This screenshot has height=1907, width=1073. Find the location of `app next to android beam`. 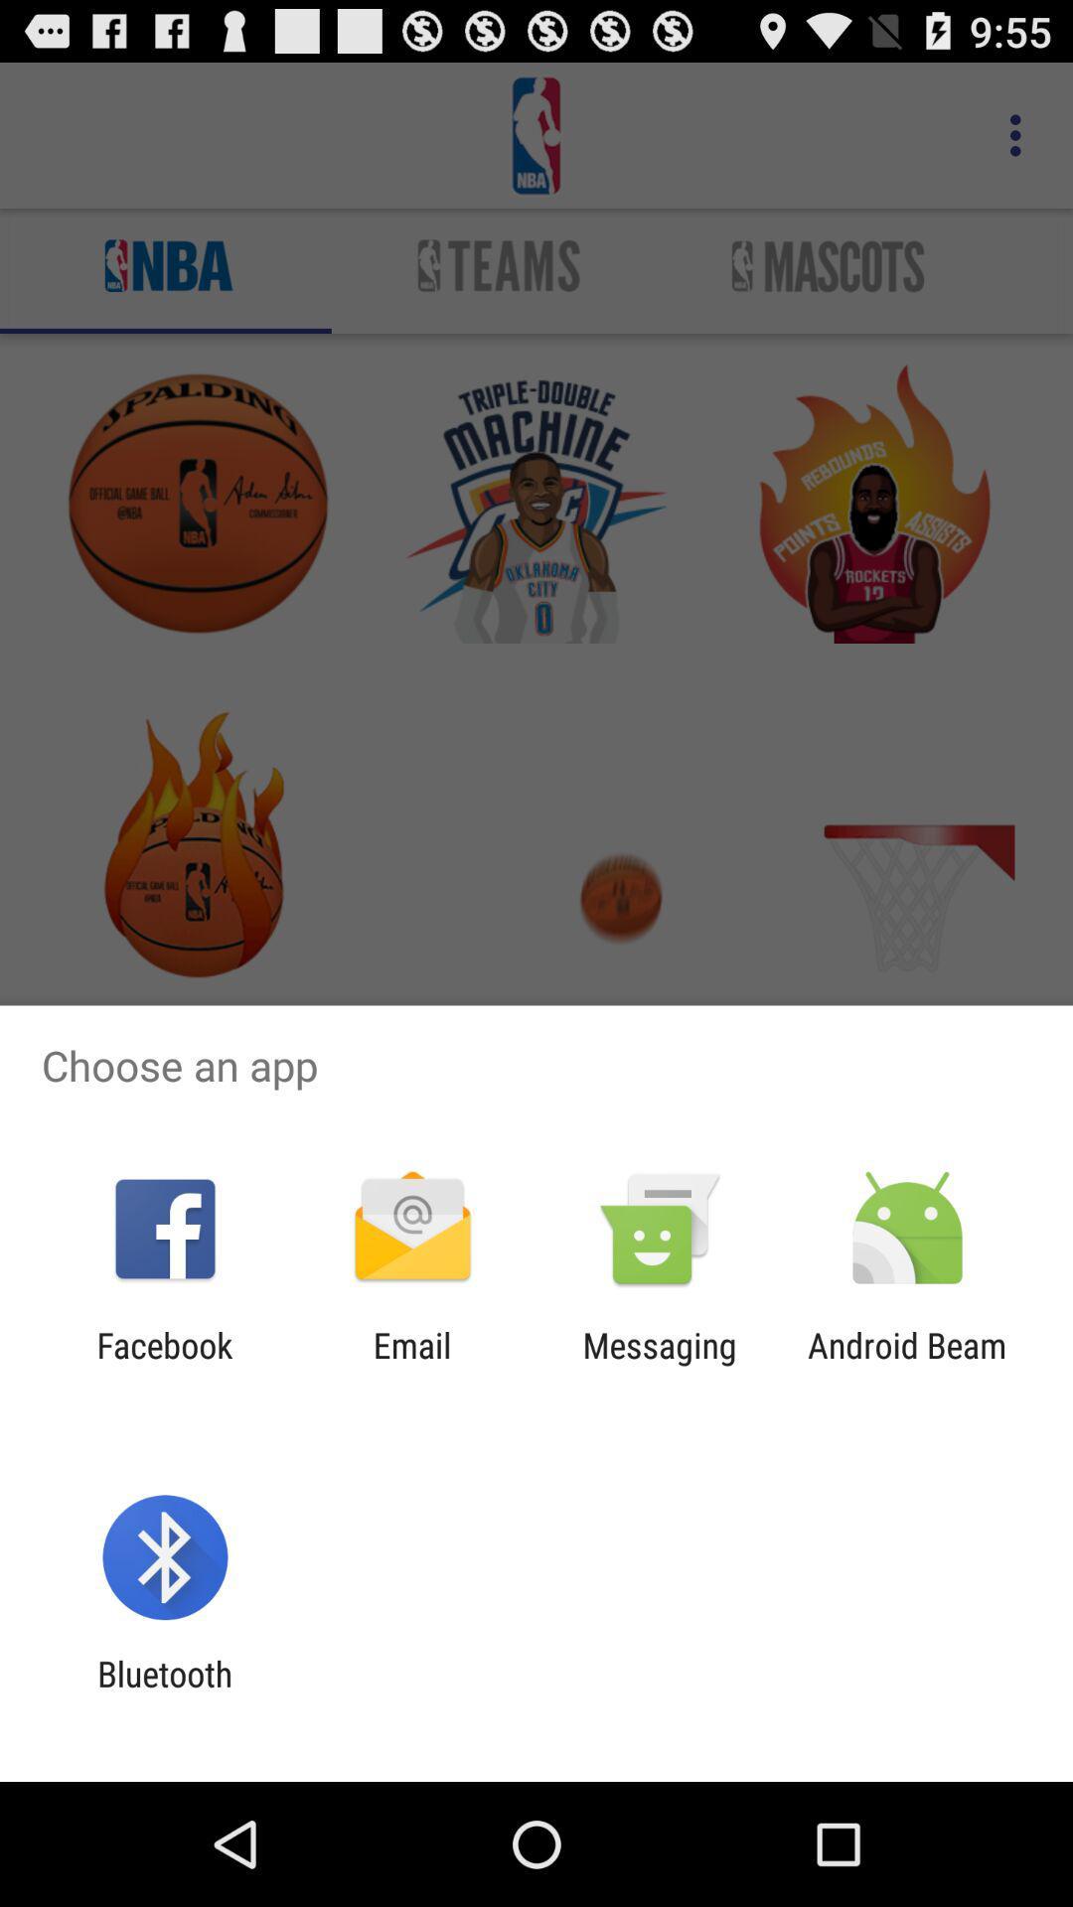

app next to android beam is located at coordinates (660, 1365).